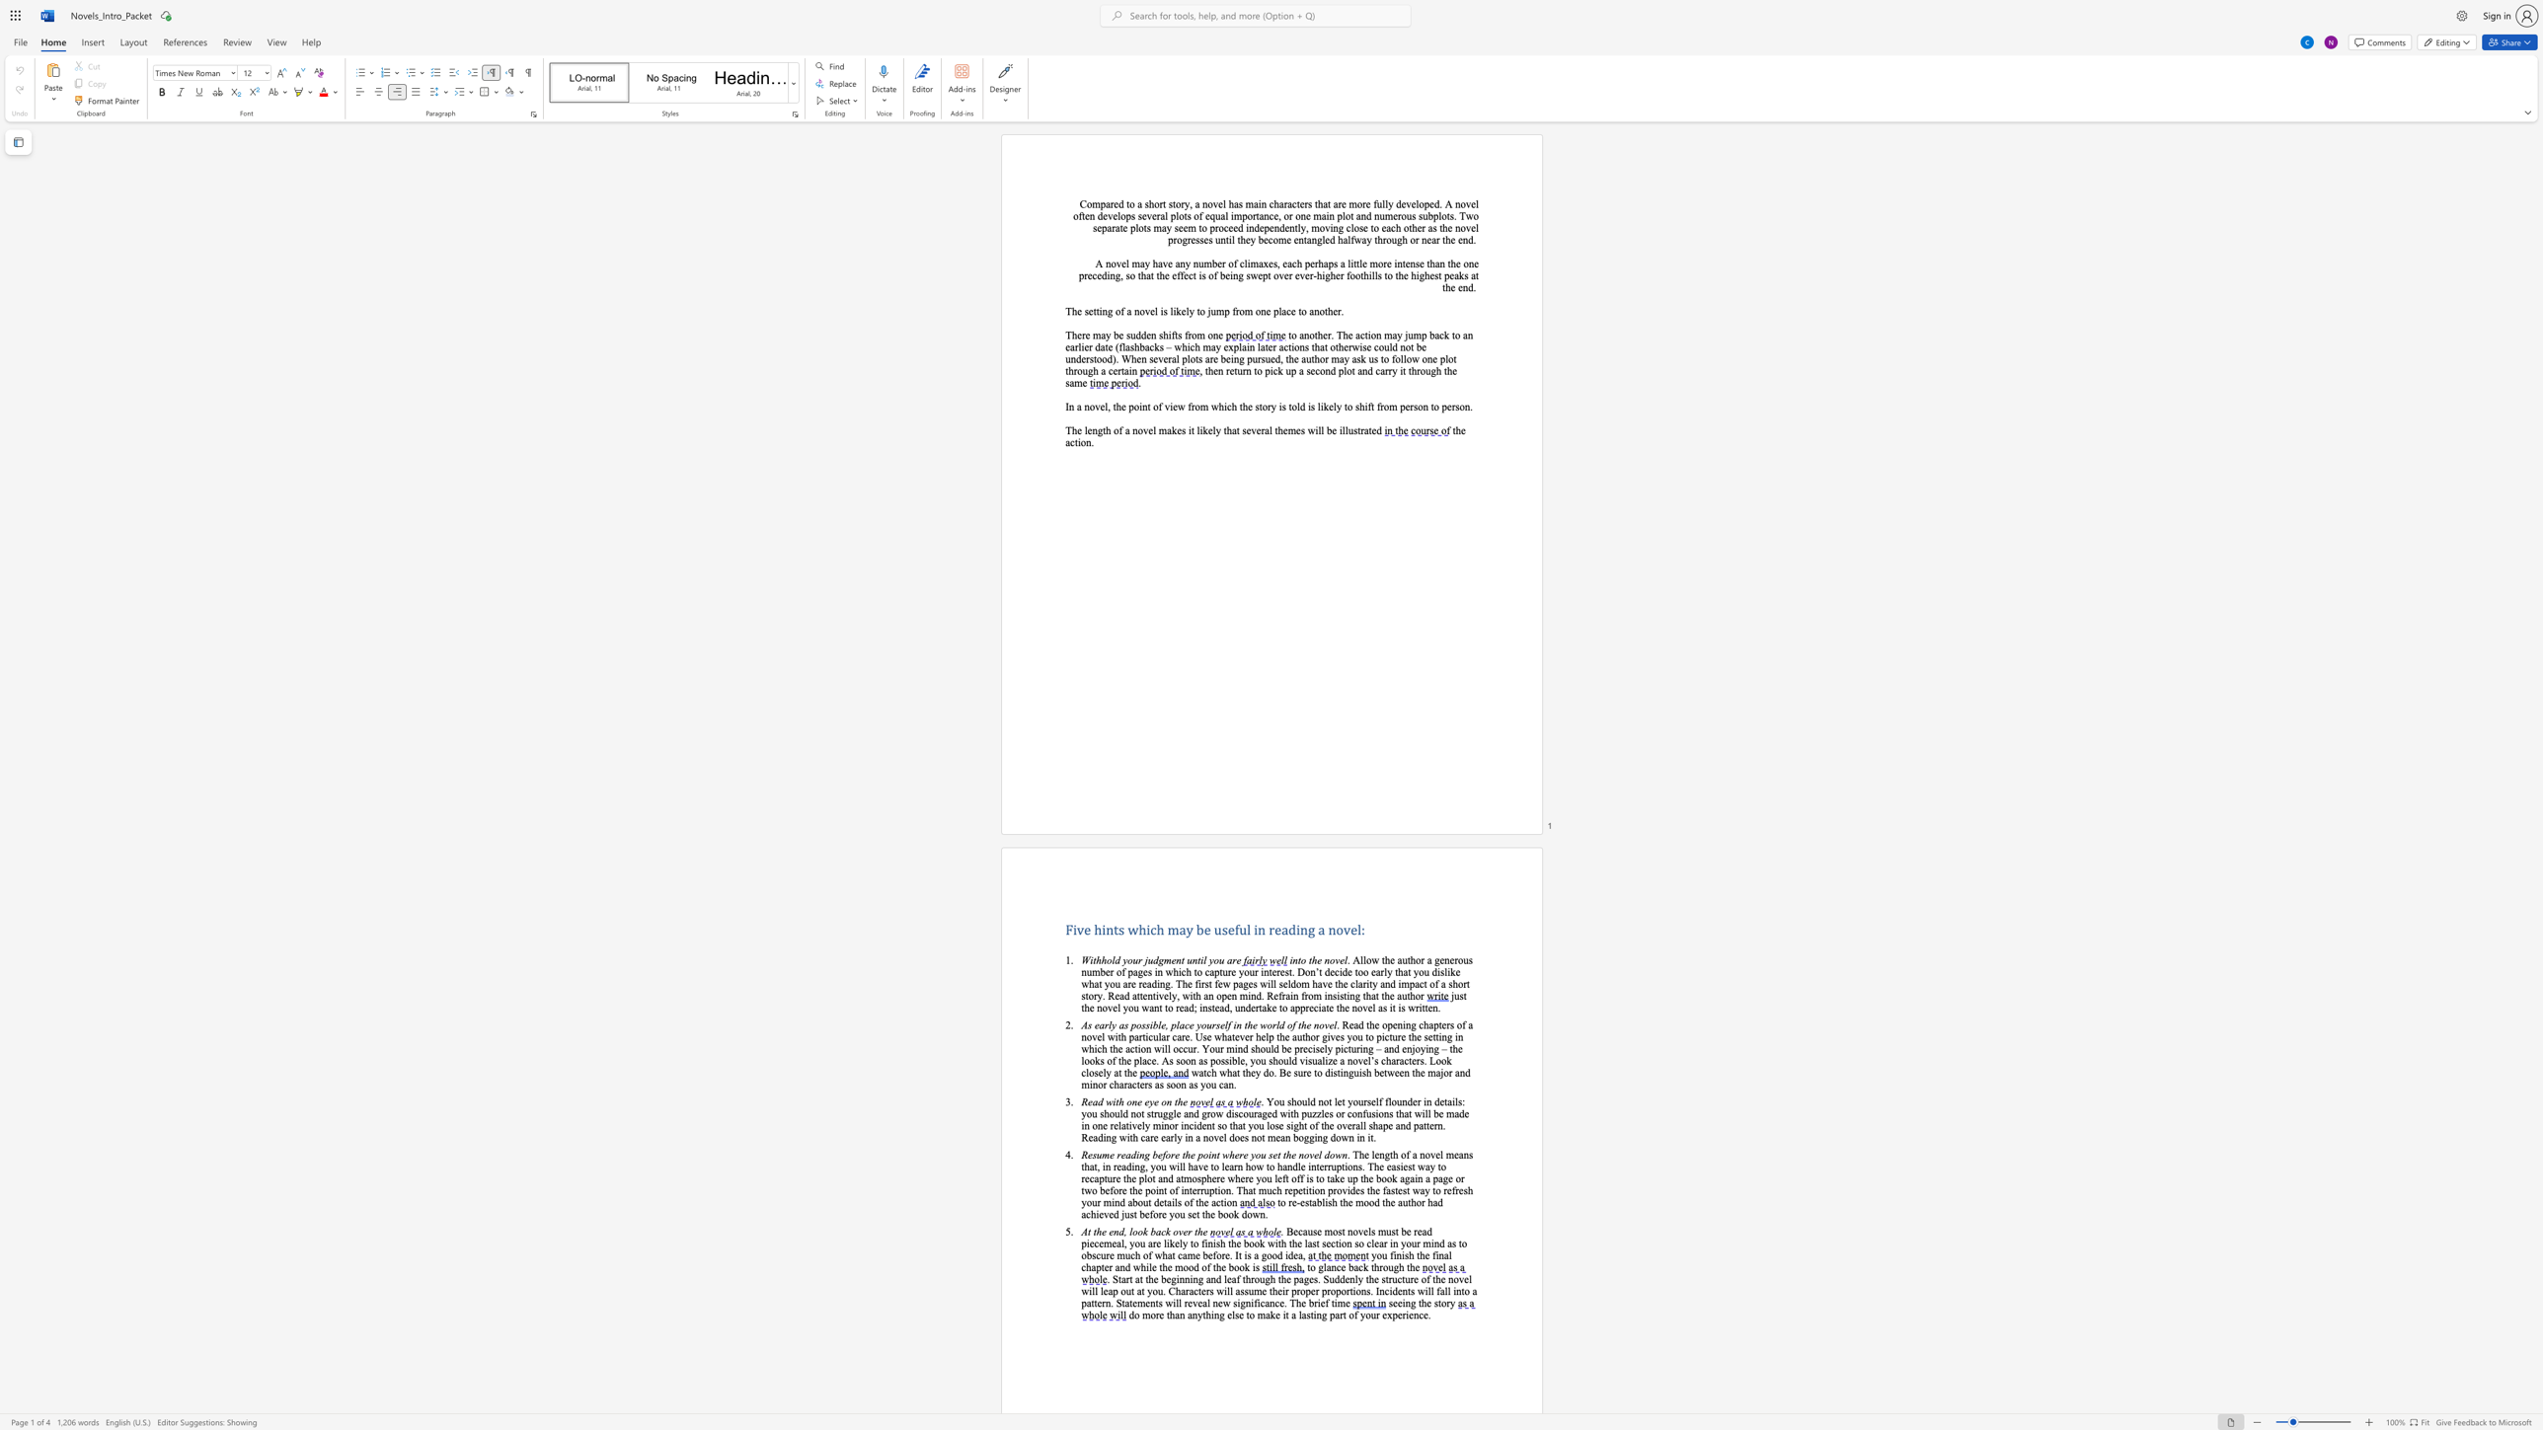 This screenshot has height=1430, width=2543. Describe the element at coordinates (1170, 1155) in the screenshot. I see `the subset text "re the point where you set the" within the text "Resume reading before the point where you set the novel down"` at that location.